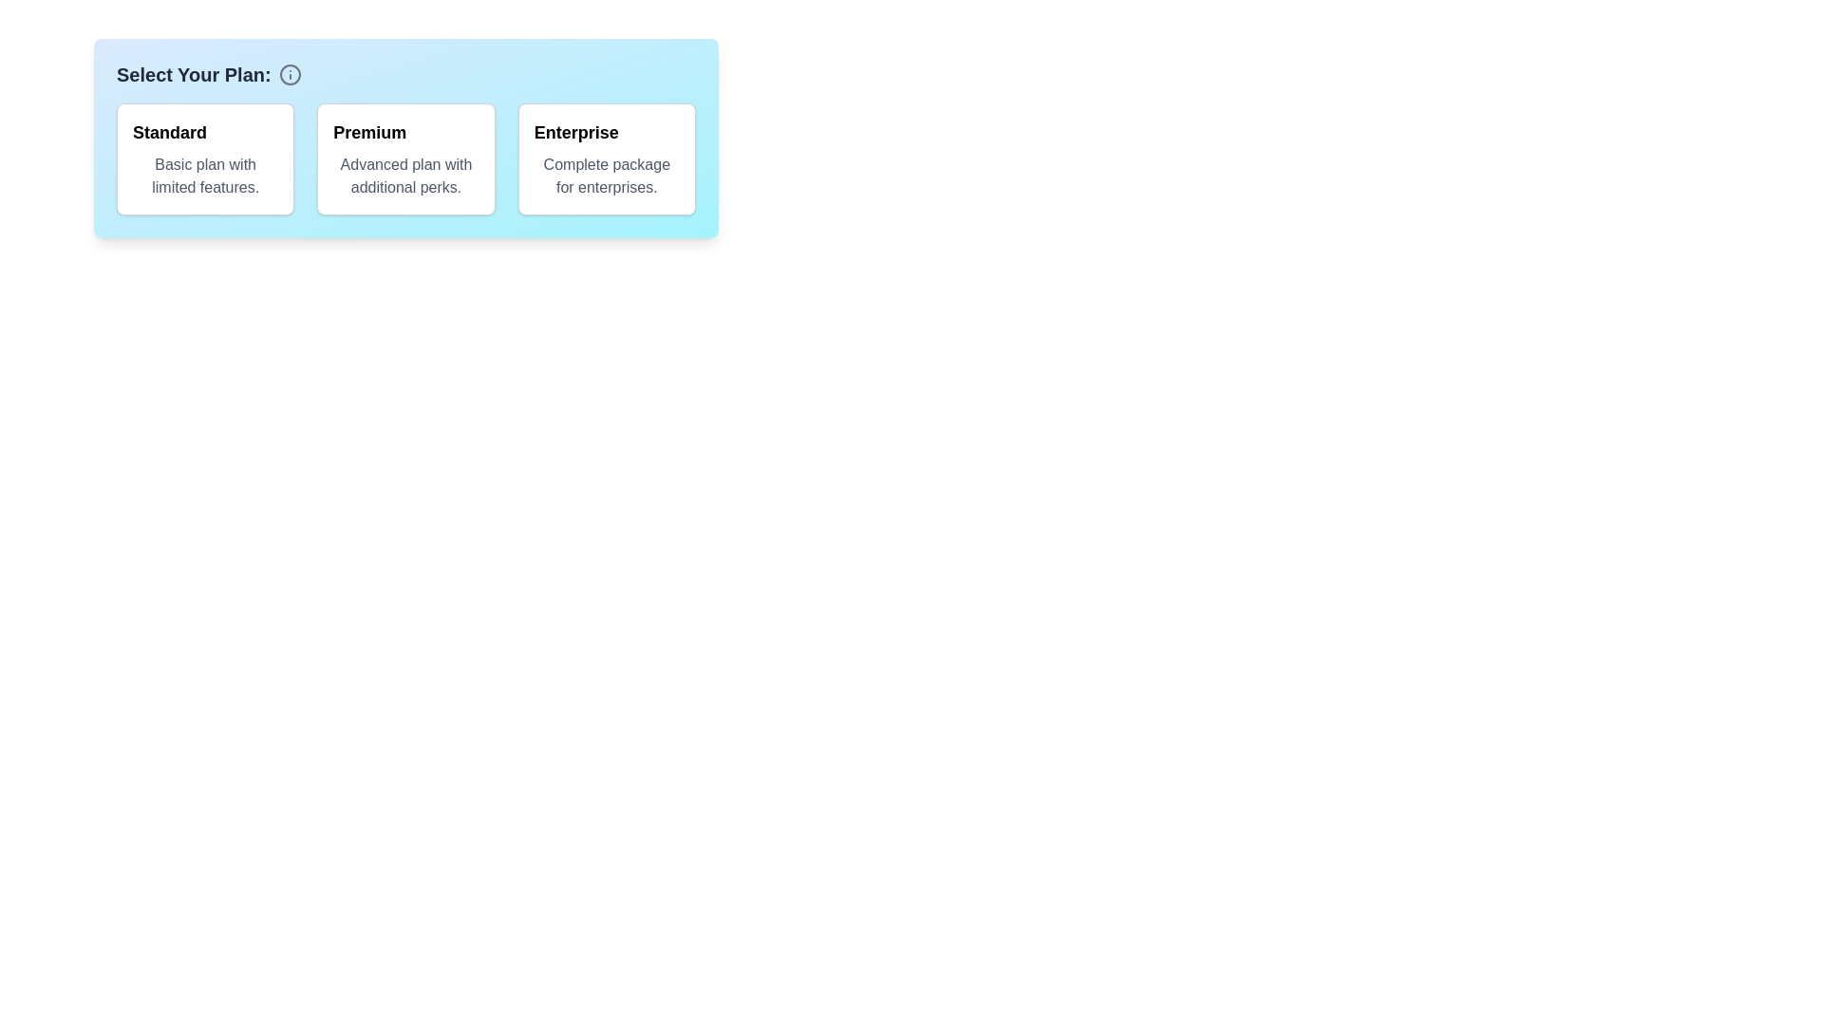 The image size is (1823, 1025). I want to click on the text label that serves as the title for the 'Premium' plan card, located at the upper center of the second card, above the descriptive text block that reads 'Advanced plan with additional perks.', so click(369, 131).